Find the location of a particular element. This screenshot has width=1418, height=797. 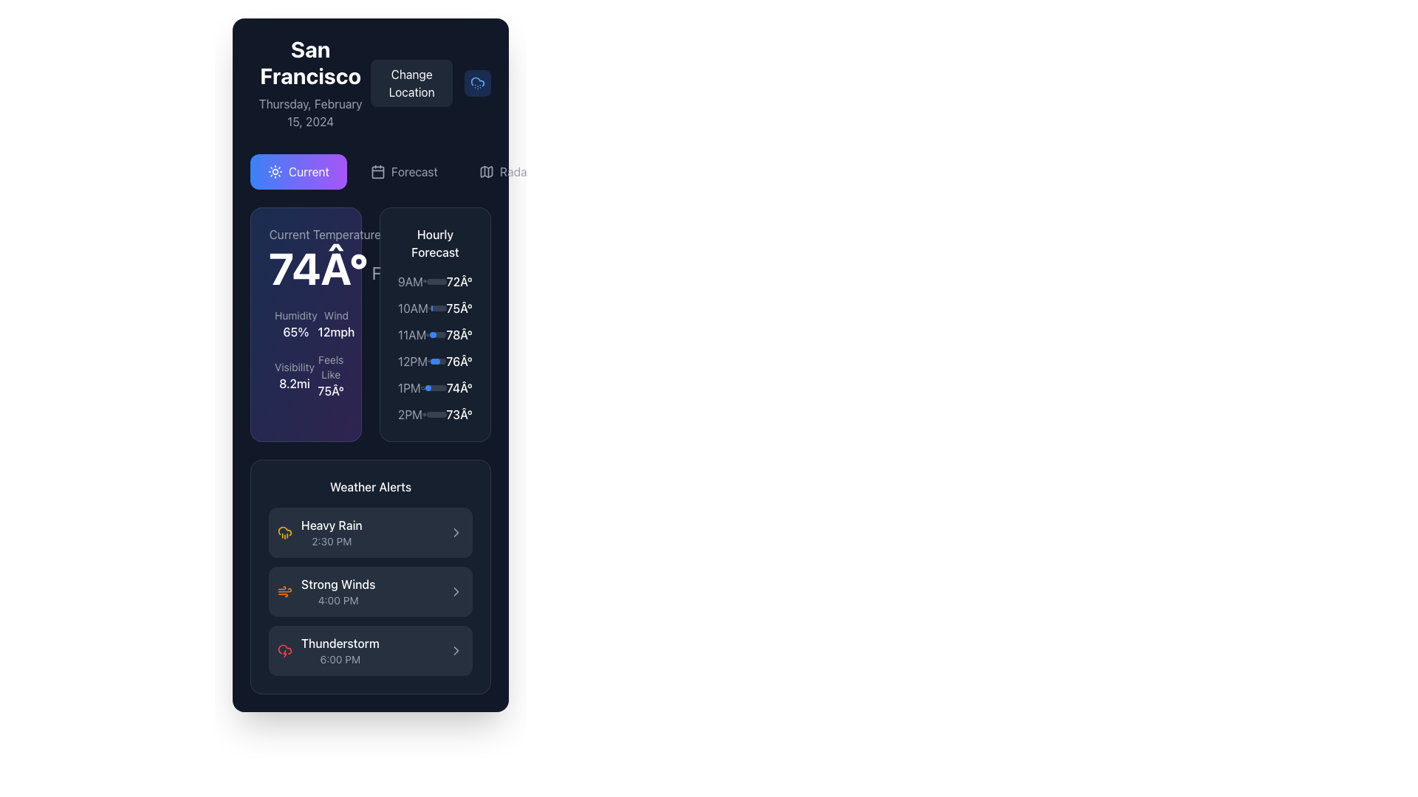

the circular sun icon inside the 'Current' button, which is part of the navigation section of the application is located at coordinates (275, 170).